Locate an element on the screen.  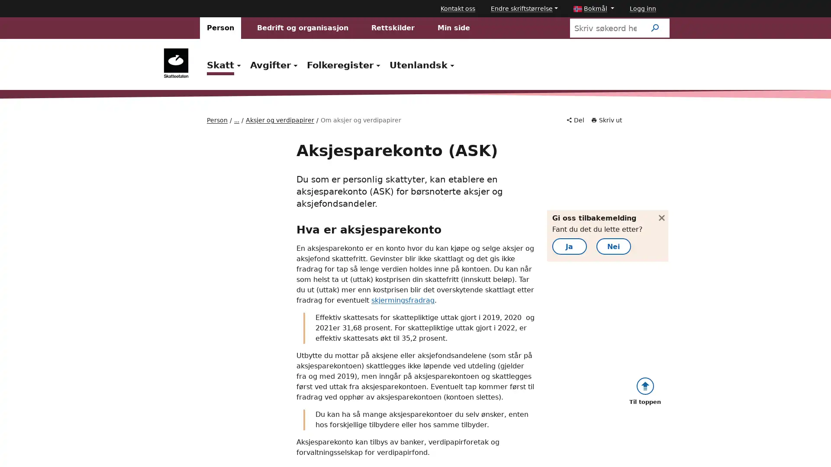
Lukk sprreboks is located at coordinates (657, 214).